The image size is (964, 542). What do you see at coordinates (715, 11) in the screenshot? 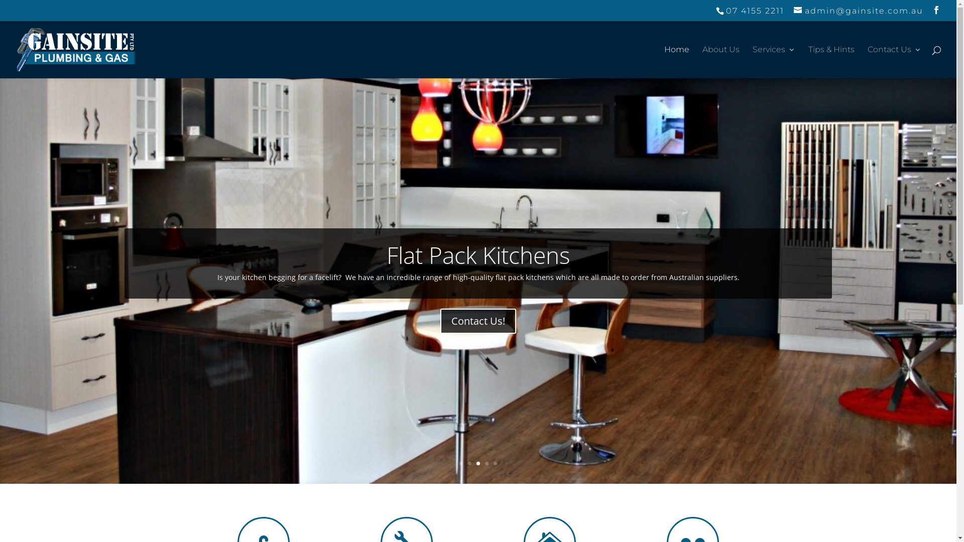
I see `'07 4155 2211'` at bounding box center [715, 11].